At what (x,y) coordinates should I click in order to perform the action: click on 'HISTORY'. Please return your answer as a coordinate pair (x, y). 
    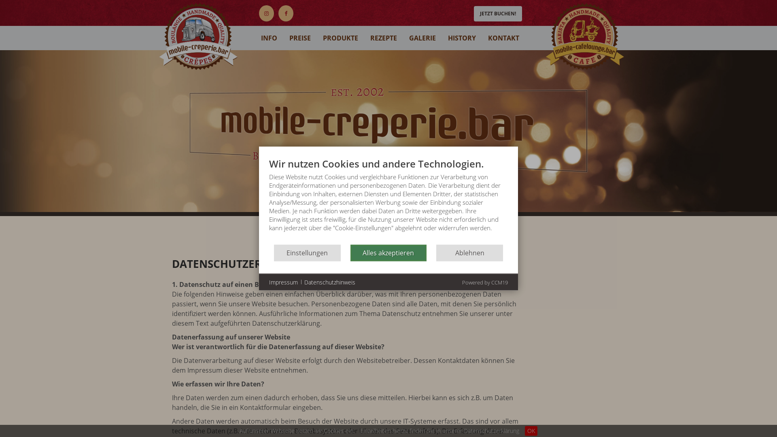
    Looking at the image, I should click on (462, 38).